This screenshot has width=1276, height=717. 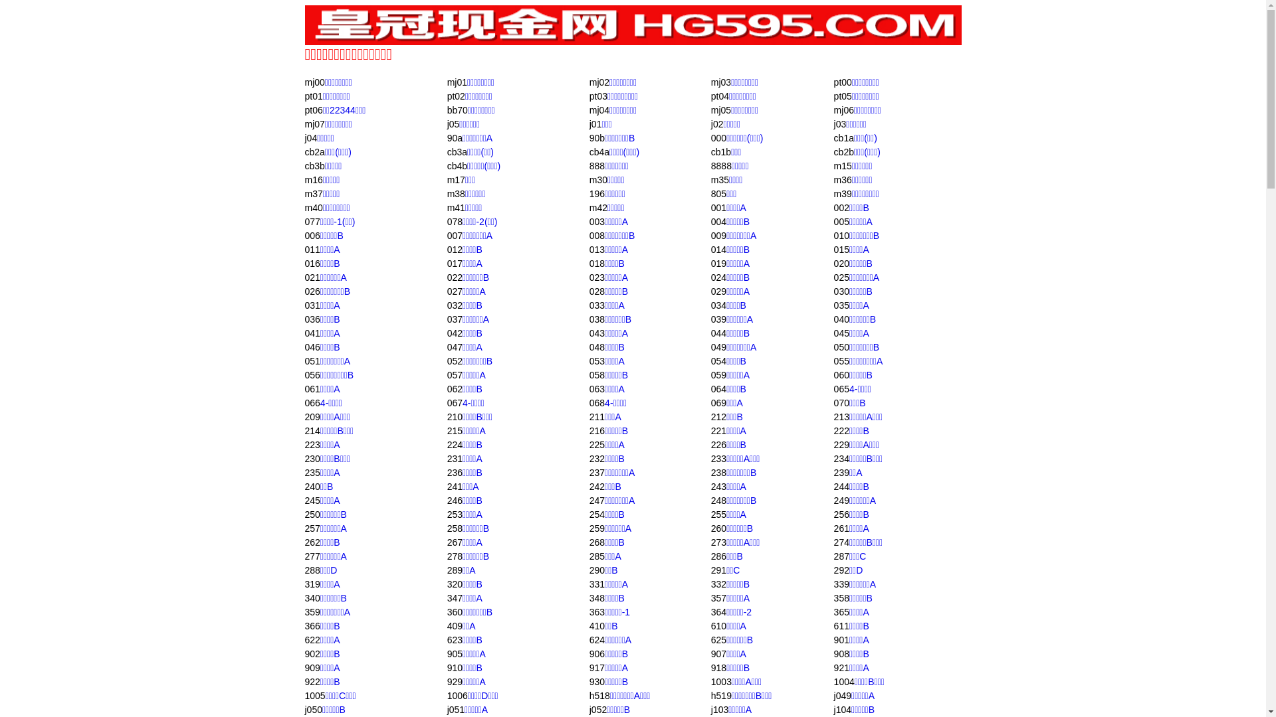 I want to click on '340', so click(x=311, y=598).